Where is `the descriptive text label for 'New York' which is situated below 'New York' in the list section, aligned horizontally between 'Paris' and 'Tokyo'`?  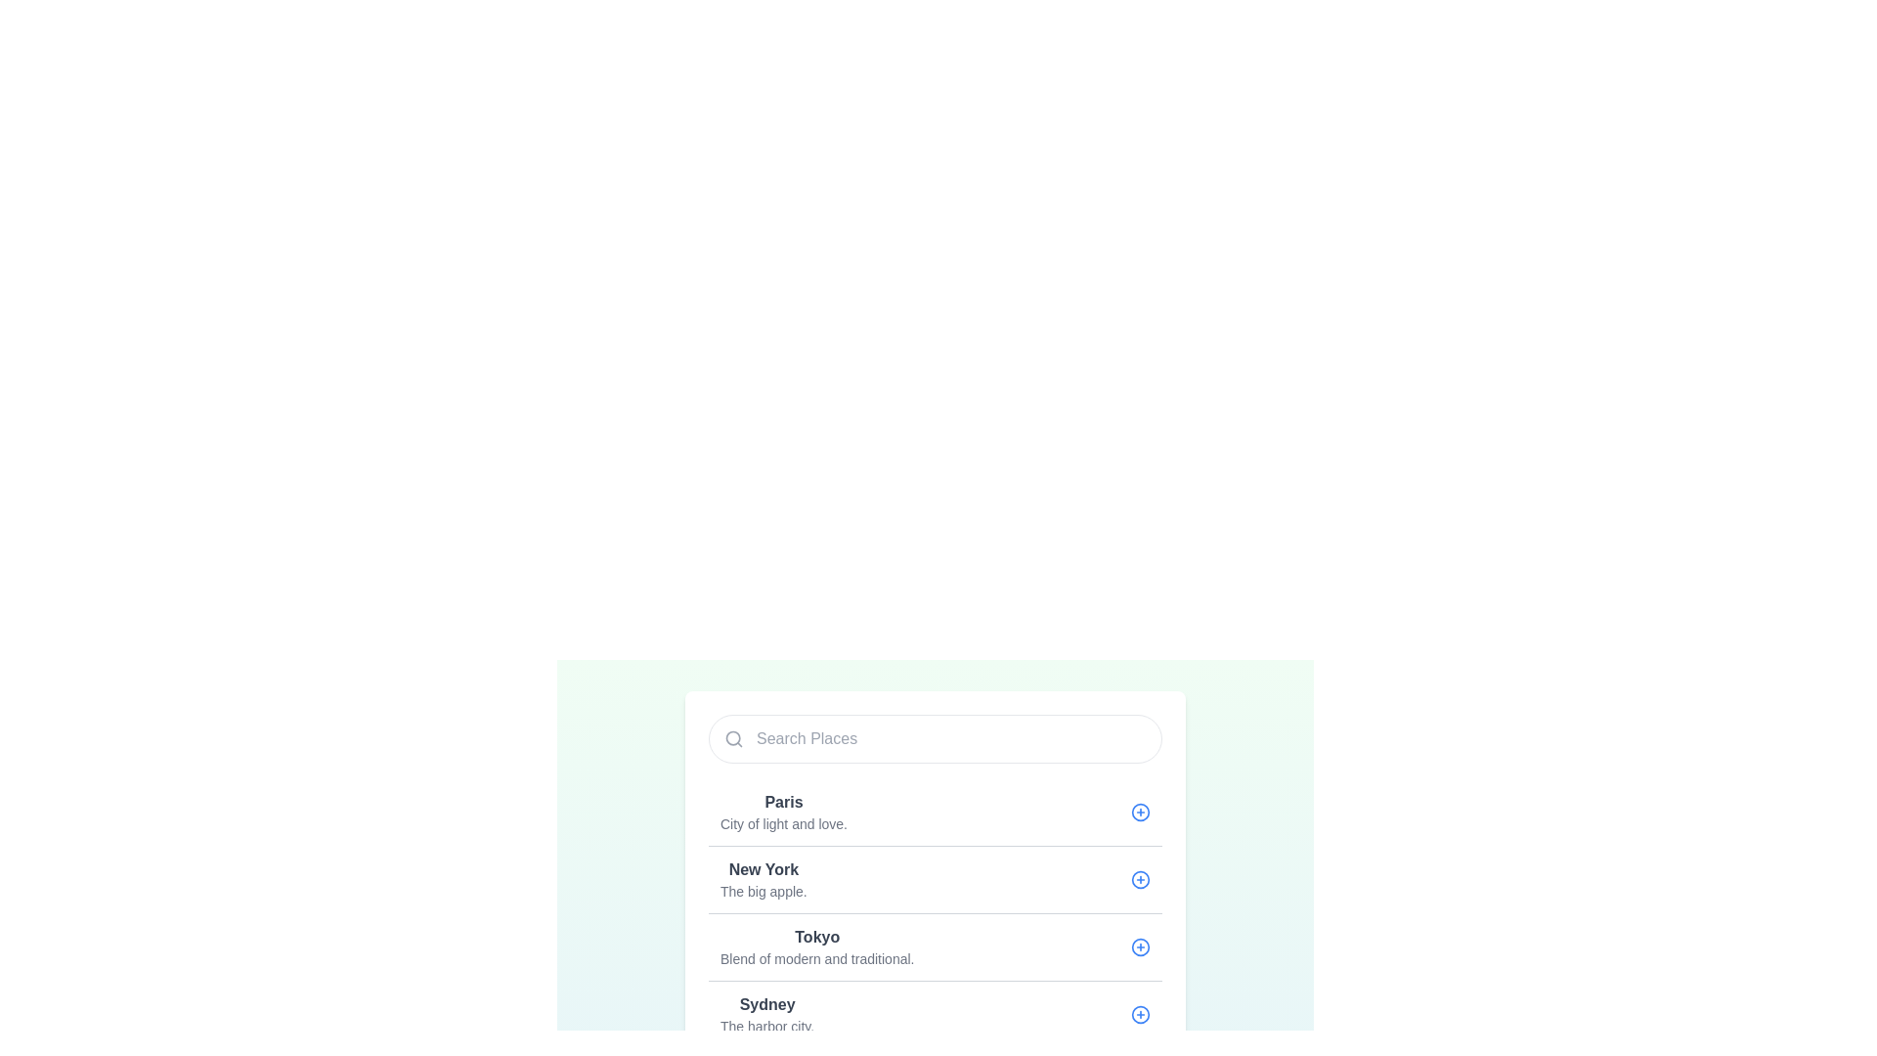
the descriptive text label for 'New York' which is situated below 'New York' in the list section, aligned horizontally between 'Paris' and 'Tokyo' is located at coordinates (763, 891).